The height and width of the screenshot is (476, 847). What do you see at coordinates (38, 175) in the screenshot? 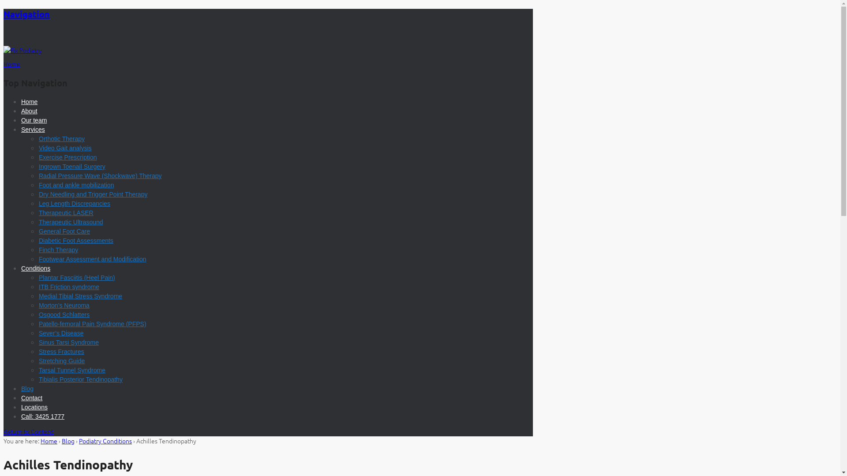
I see `'Radial Pressure Wave (Shockwave) Therapy'` at bounding box center [38, 175].